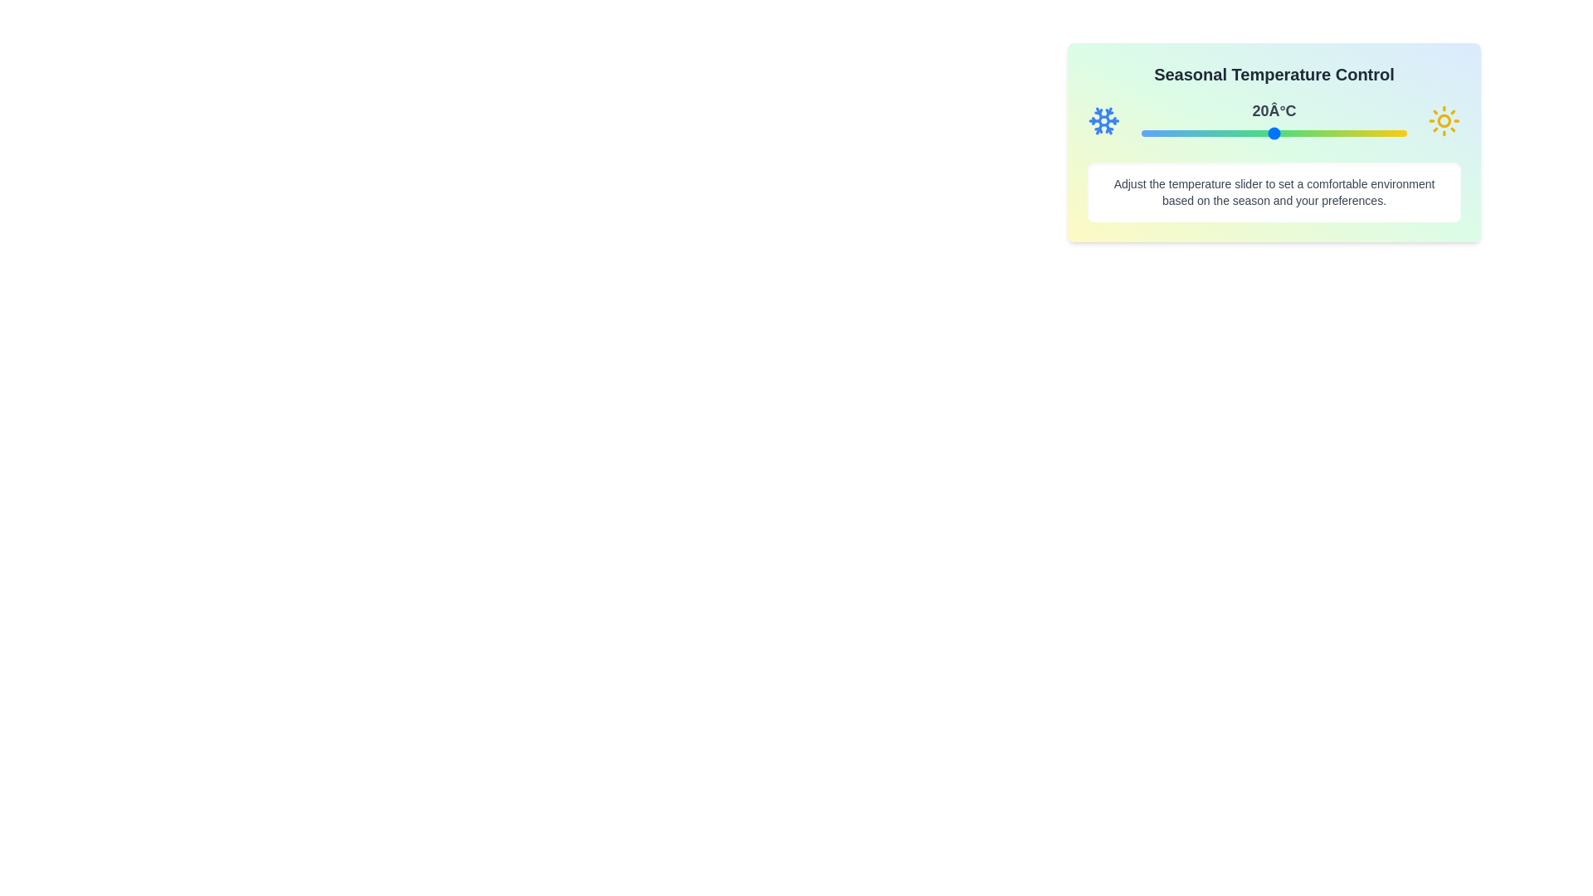 The height and width of the screenshot is (896, 1593). Describe the element at coordinates (1103, 120) in the screenshot. I see `the snowflake icon to interact with it` at that location.